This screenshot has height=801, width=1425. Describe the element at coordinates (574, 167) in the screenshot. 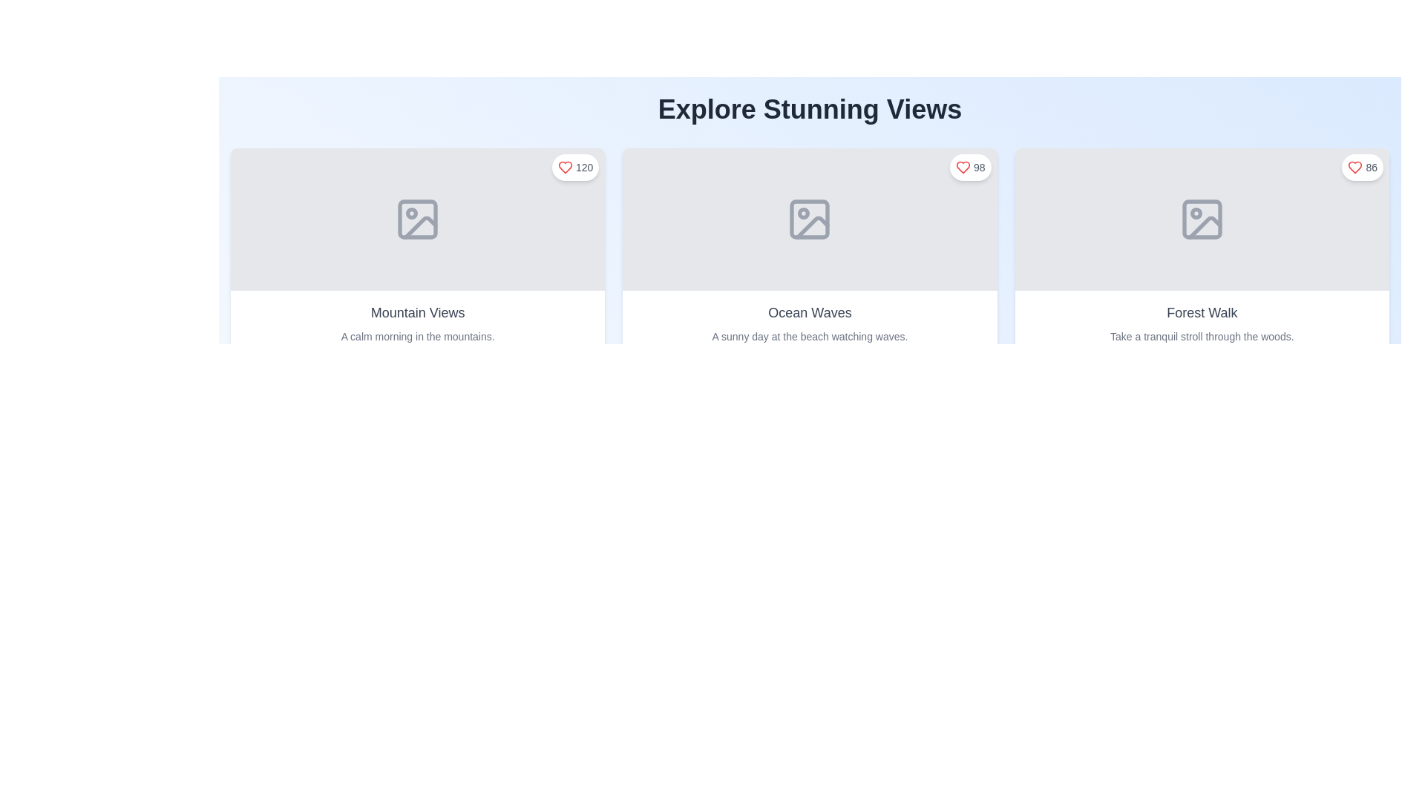

I see `the small circular badge with a white background and a red heart icon, located at the top-right corner of the 'Mountain Views' card` at that location.